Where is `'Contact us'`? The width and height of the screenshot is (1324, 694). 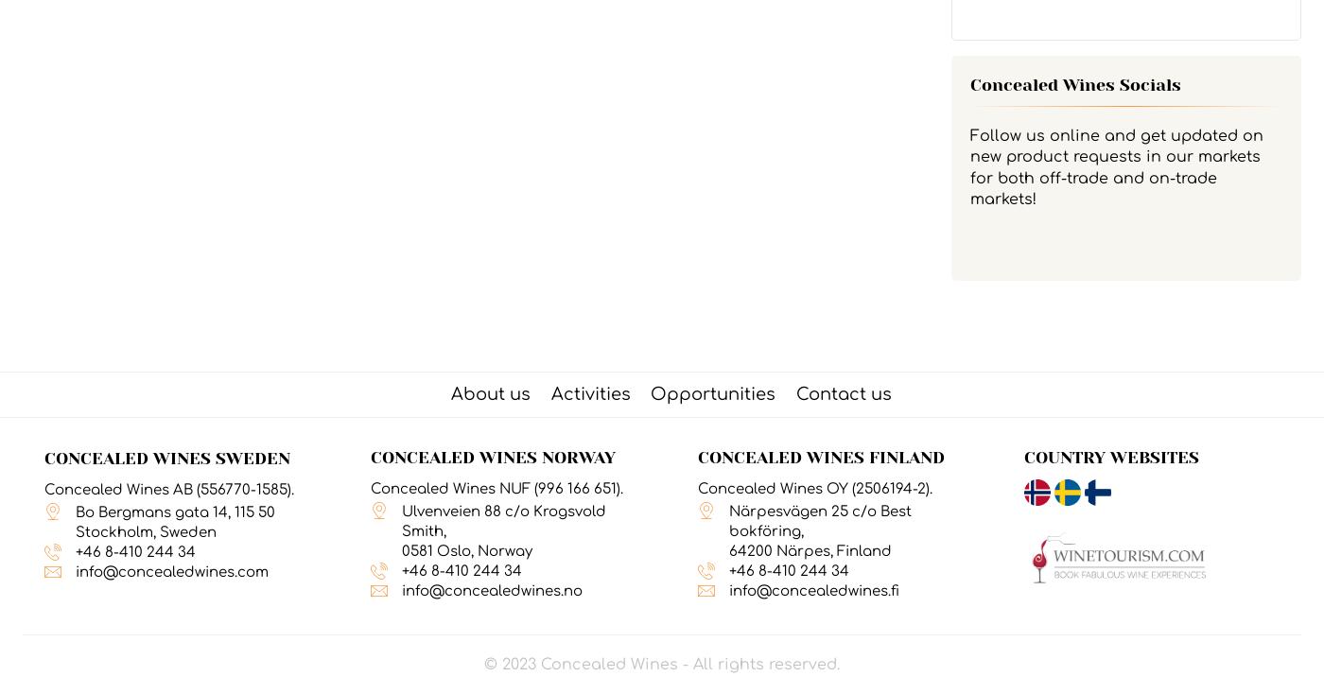
'Contact us' is located at coordinates (794, 392).